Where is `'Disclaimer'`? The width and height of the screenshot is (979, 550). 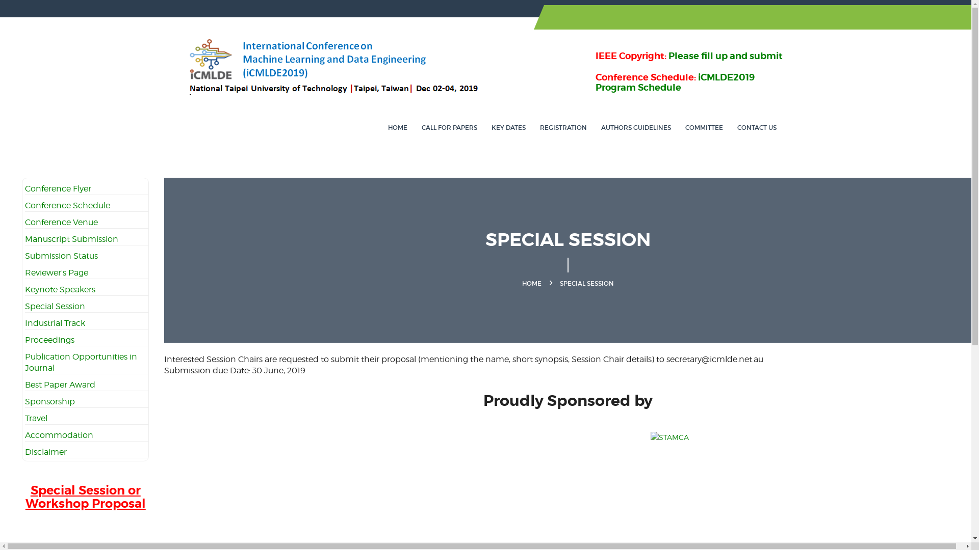
'Disclaimer' is located at coordinates (45, 451).